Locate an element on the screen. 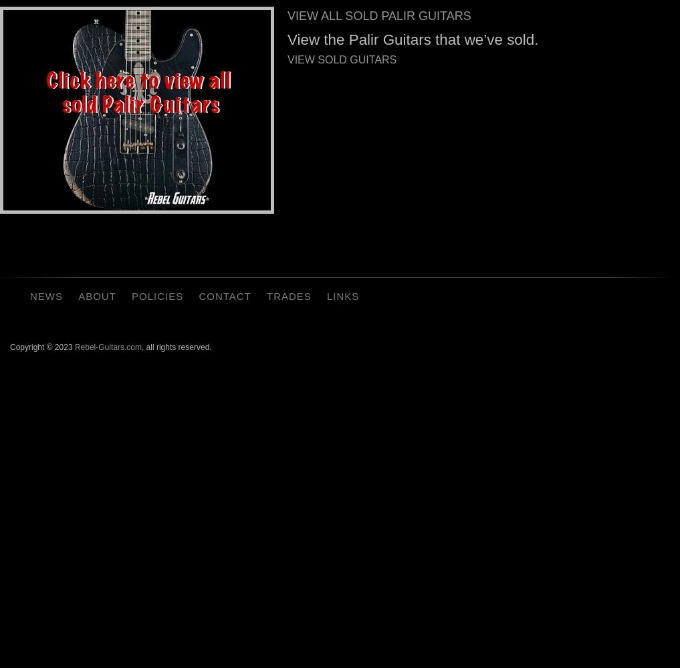  'View Sold Guitars' is located at coordinates (287, 59).